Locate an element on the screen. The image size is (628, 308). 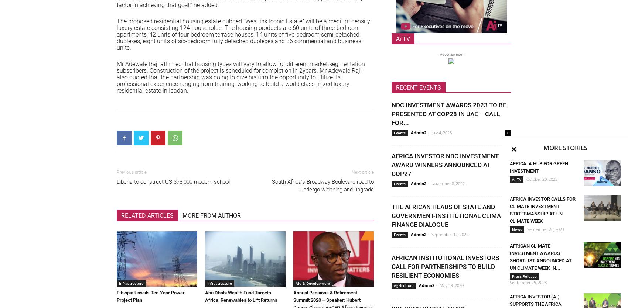
'Ethiopia Unveils Ten-Year Power Project Plan' is located at coordinates (150, 296).